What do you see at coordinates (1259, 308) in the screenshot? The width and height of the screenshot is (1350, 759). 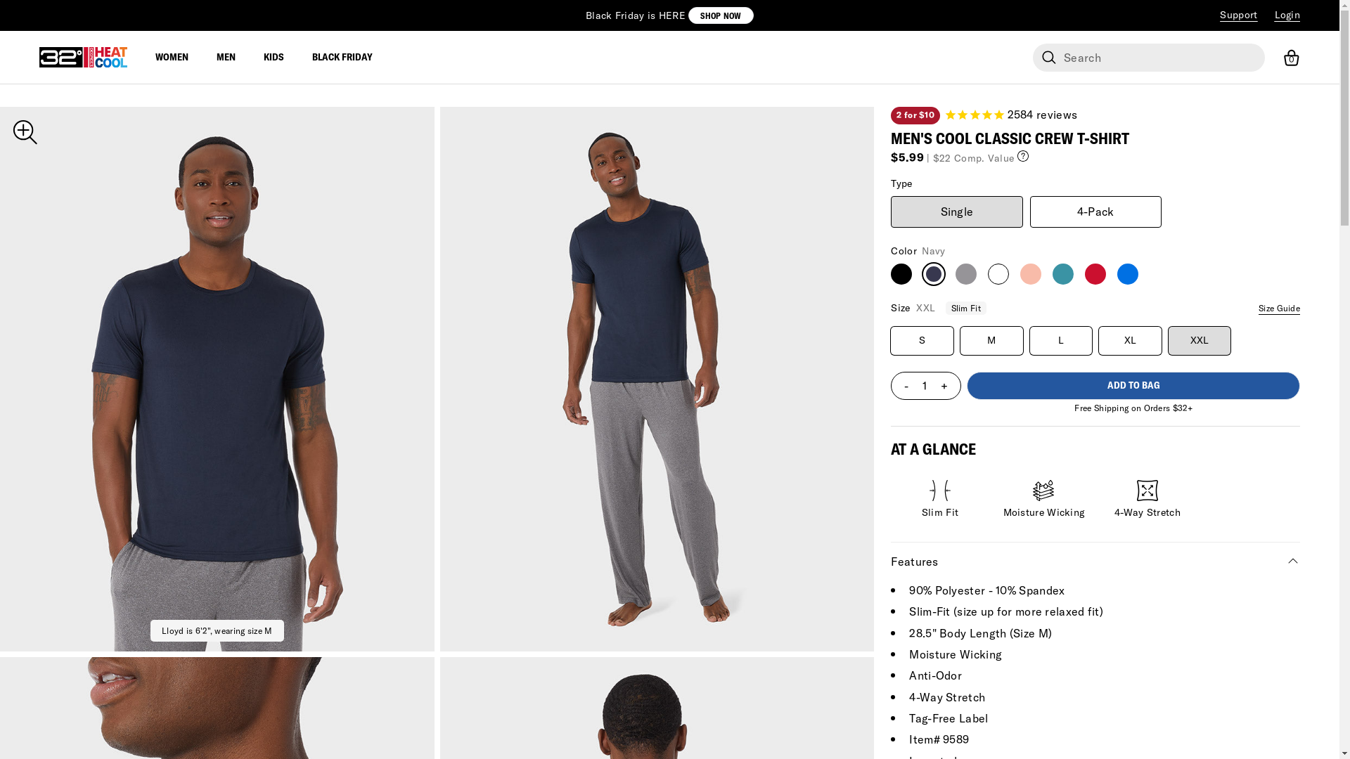 I see `'Size Guide'` at bounding box center [1259, 308].